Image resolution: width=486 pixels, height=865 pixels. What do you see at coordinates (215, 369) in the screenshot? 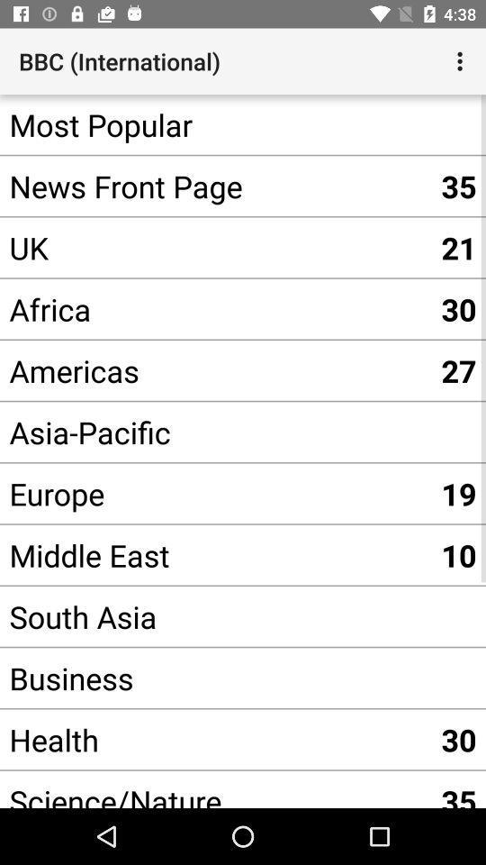
I see `the item below 30 item` at bounding box center [215, 369].